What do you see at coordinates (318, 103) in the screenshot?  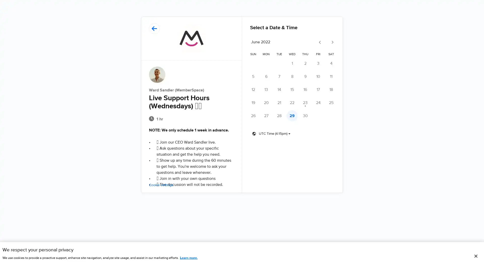 I see `Friday, June 24 - No times available` at bounding box center [318, 103].